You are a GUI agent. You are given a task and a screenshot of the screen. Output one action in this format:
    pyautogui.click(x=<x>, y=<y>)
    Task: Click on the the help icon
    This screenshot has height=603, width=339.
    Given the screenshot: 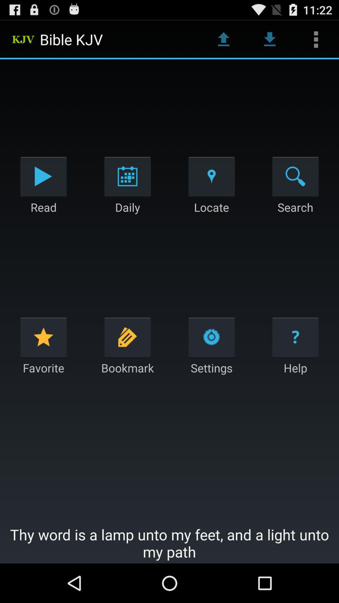 What is the action you would take?
    pyautogui.click(x=295, y=361)
    